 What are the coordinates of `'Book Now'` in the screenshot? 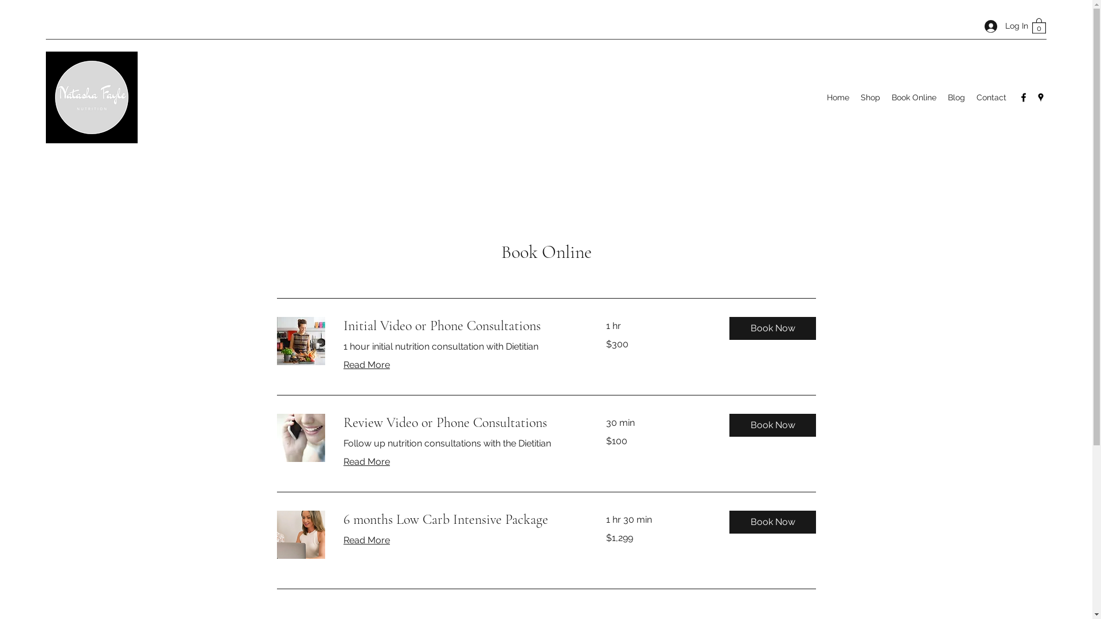 It's located at (772, 328).